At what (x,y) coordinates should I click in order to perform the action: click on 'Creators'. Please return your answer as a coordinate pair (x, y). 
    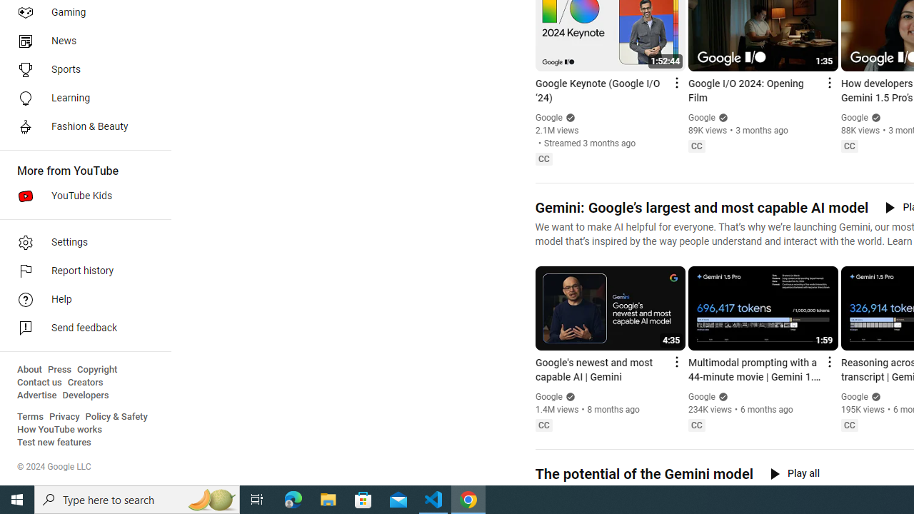
    Looking at the image, I should click on (84, 382).